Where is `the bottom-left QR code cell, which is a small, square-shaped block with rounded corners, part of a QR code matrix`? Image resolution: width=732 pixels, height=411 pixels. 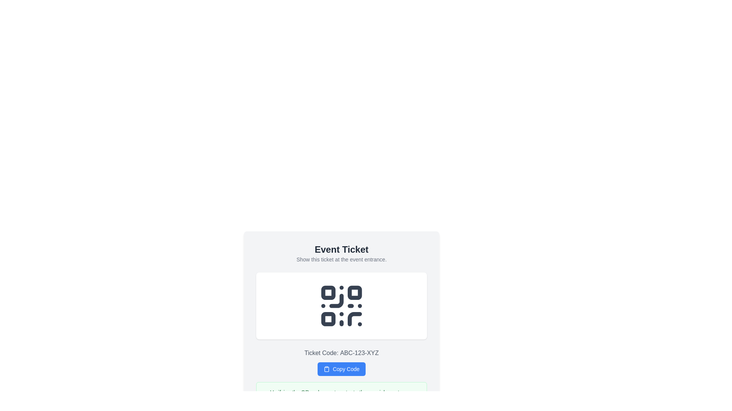
the bottom-left QR code cell, which is a small, square-shaped block with rounded corners, part of a QR code matrix is located at coordinates (328, 319).